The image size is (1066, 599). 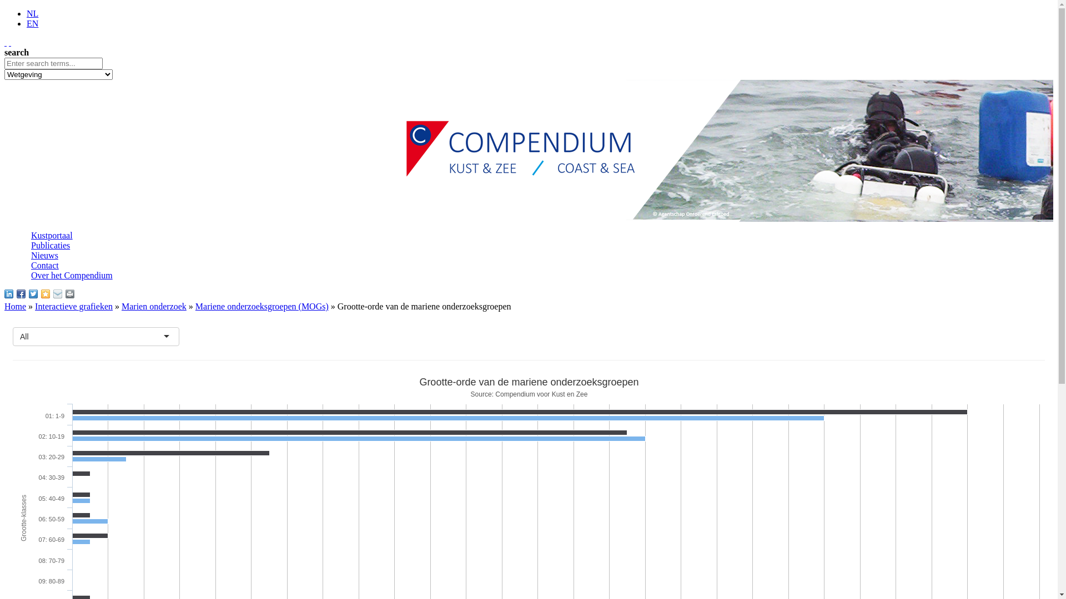 I want to click on 'Contact', so click(x=31, y=265).